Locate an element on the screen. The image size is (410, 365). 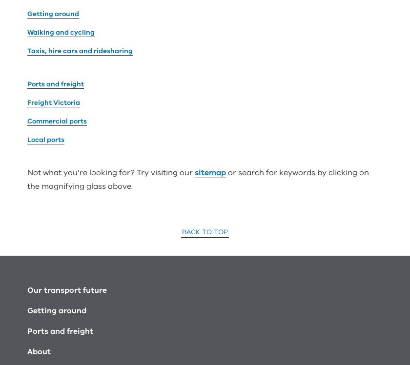
'Not what you’re looking for? Try visiting our' is located at coordinates (111, 61).